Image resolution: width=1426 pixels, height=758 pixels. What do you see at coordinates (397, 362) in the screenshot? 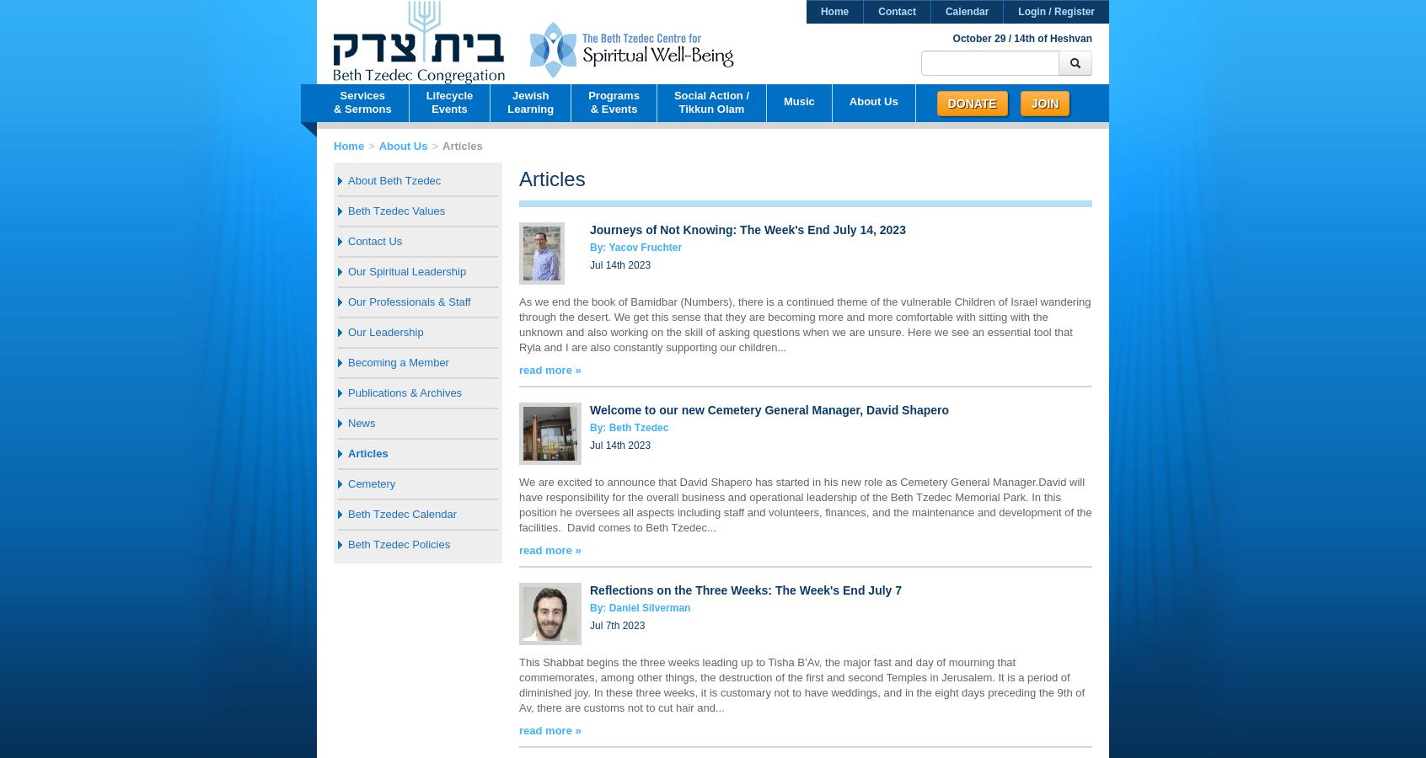
I see `'Becoming a Member'` at bounding box center [397, 362].